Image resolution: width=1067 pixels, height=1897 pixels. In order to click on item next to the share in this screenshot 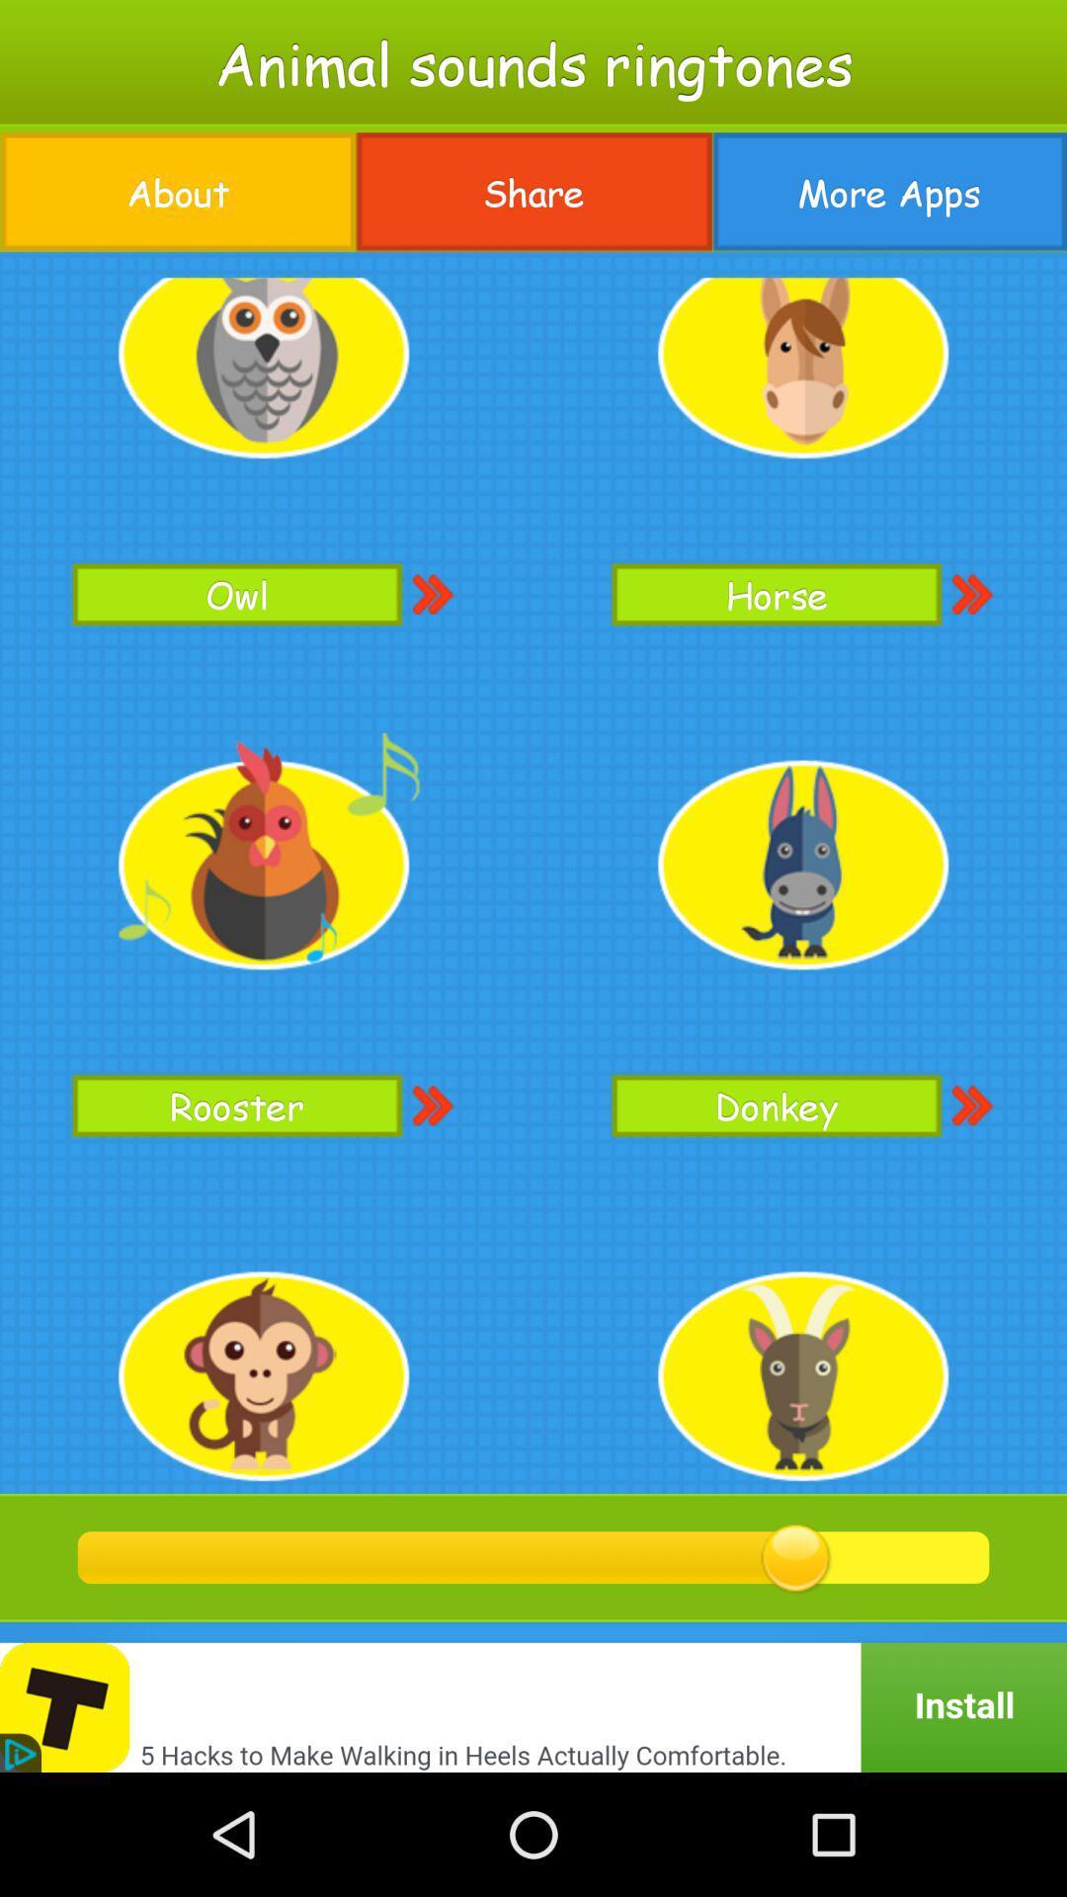, I will do `click(178, 192)`.